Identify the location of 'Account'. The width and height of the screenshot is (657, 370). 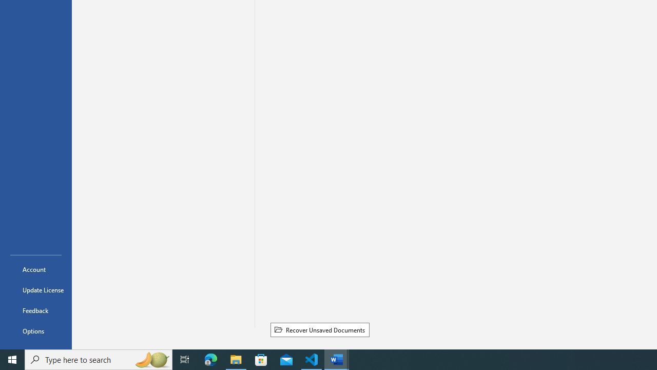
(35, 269).